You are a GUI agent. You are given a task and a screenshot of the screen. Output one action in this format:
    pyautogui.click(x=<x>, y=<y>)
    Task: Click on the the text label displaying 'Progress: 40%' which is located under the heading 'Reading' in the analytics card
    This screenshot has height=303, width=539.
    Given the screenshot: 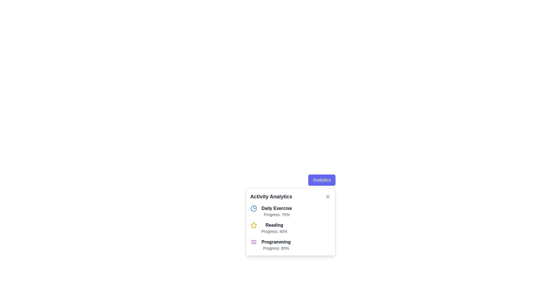 What is the action you would take?
    pyautogui.click(x=274, y=231)
    